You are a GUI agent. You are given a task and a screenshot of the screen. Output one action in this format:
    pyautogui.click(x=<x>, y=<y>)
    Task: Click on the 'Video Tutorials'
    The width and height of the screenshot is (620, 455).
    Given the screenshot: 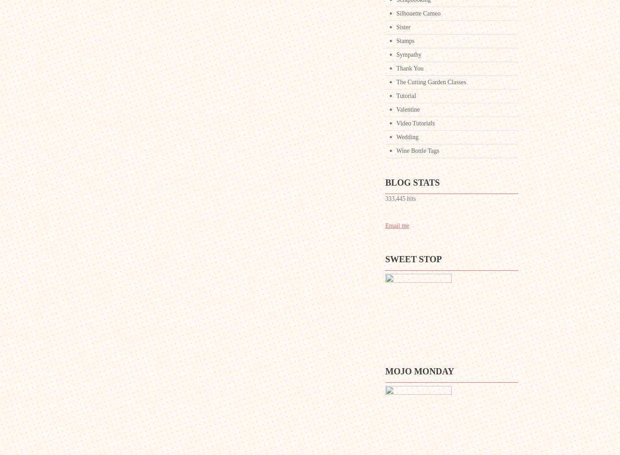 What is the action you would take?
    pyautogui.click(x=415, y=123)
    